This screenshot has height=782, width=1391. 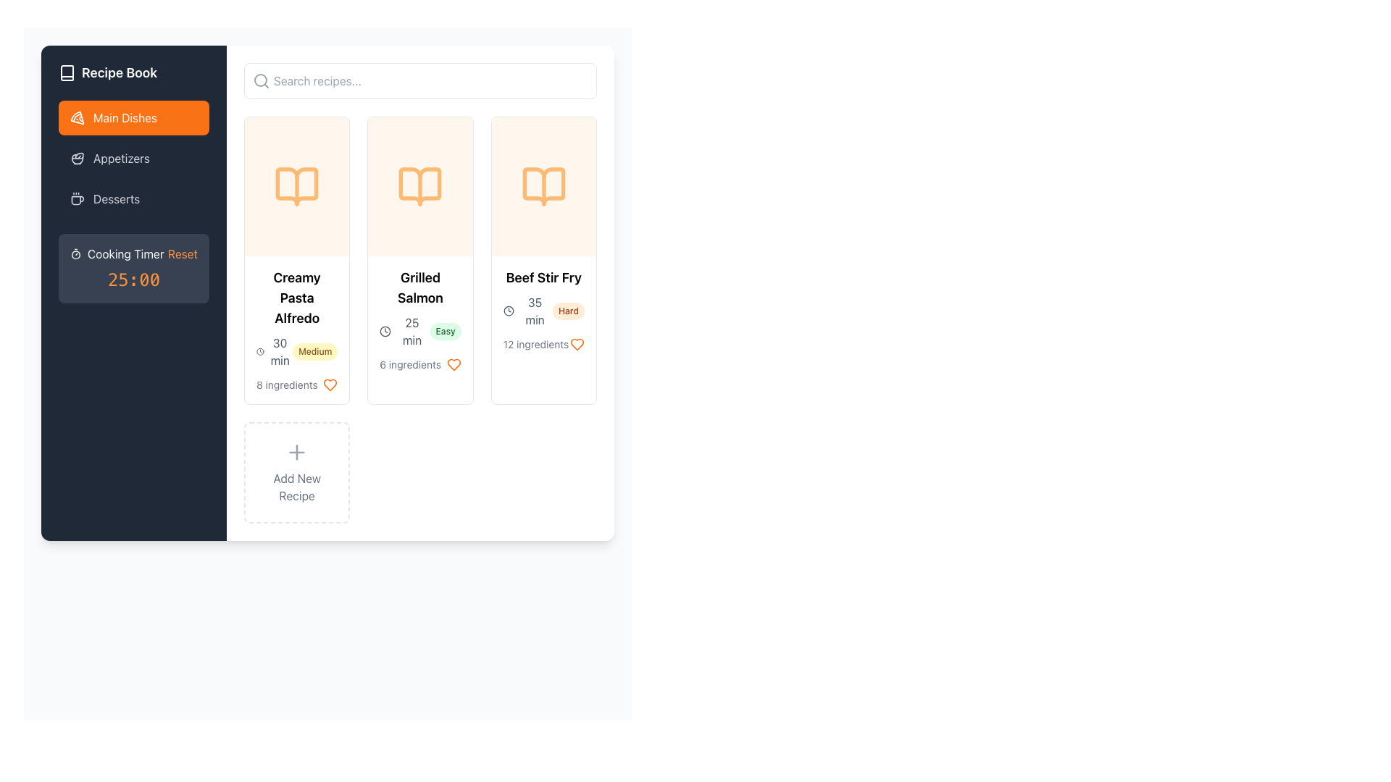 What do you see at coordinates (419, 332) in the screenshot?
I see `the informational text element that displays the preparation time ('25 min') and difficulty level ('Easy') for the 'Grilled Salmon' recipe, located in the middle of the three recipe tiles` at bounding box center [419, 332].